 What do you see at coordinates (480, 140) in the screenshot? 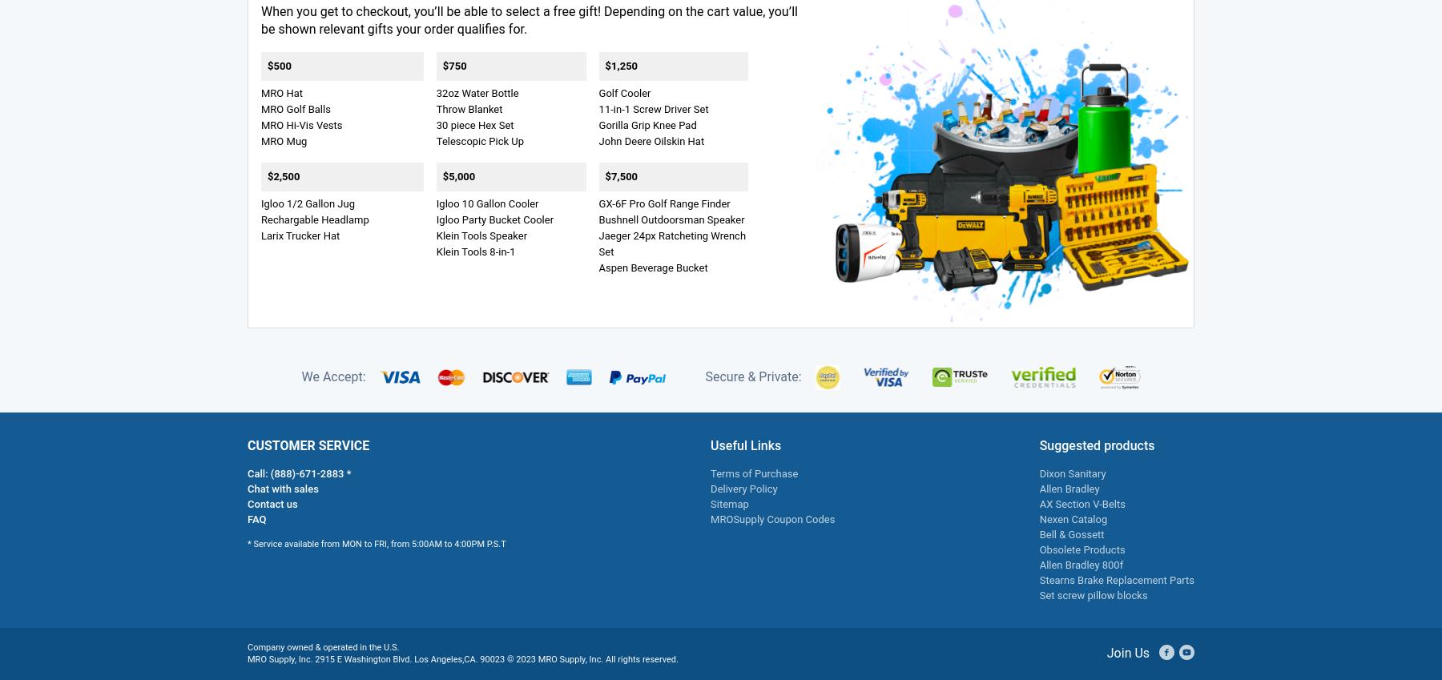
I see `'Telescopic Pick Up'` at bounding box center [480, 140].